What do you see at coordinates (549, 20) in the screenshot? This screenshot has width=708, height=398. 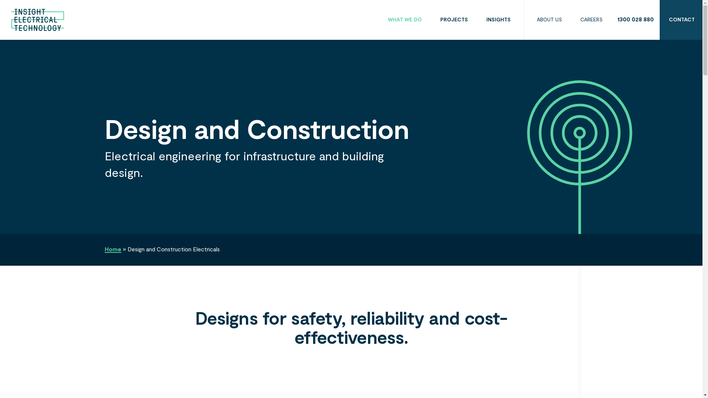 I see `'ABOUT US'` at bounding box center [549, 20].